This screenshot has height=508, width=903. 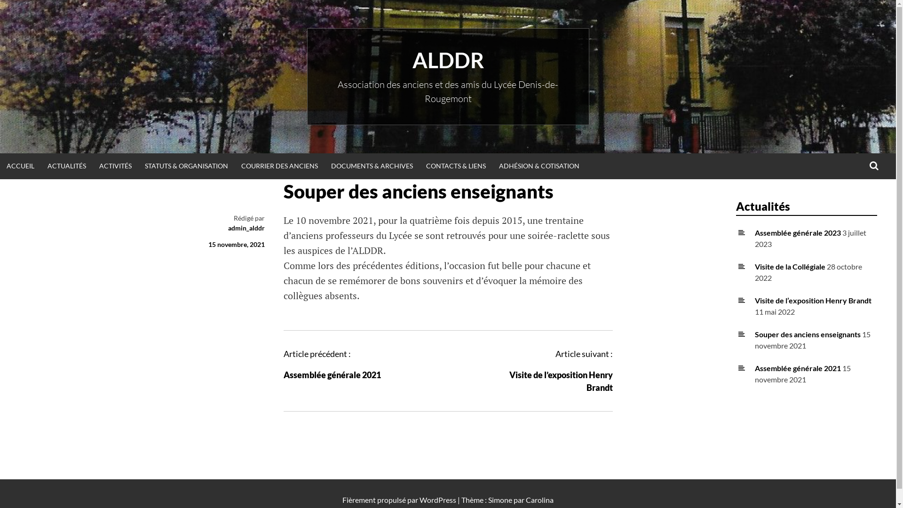 What do you see at coordinates (873, 166) in the screenshot?
I see `'RECHERCHE'` at bounding box center [873, 166].